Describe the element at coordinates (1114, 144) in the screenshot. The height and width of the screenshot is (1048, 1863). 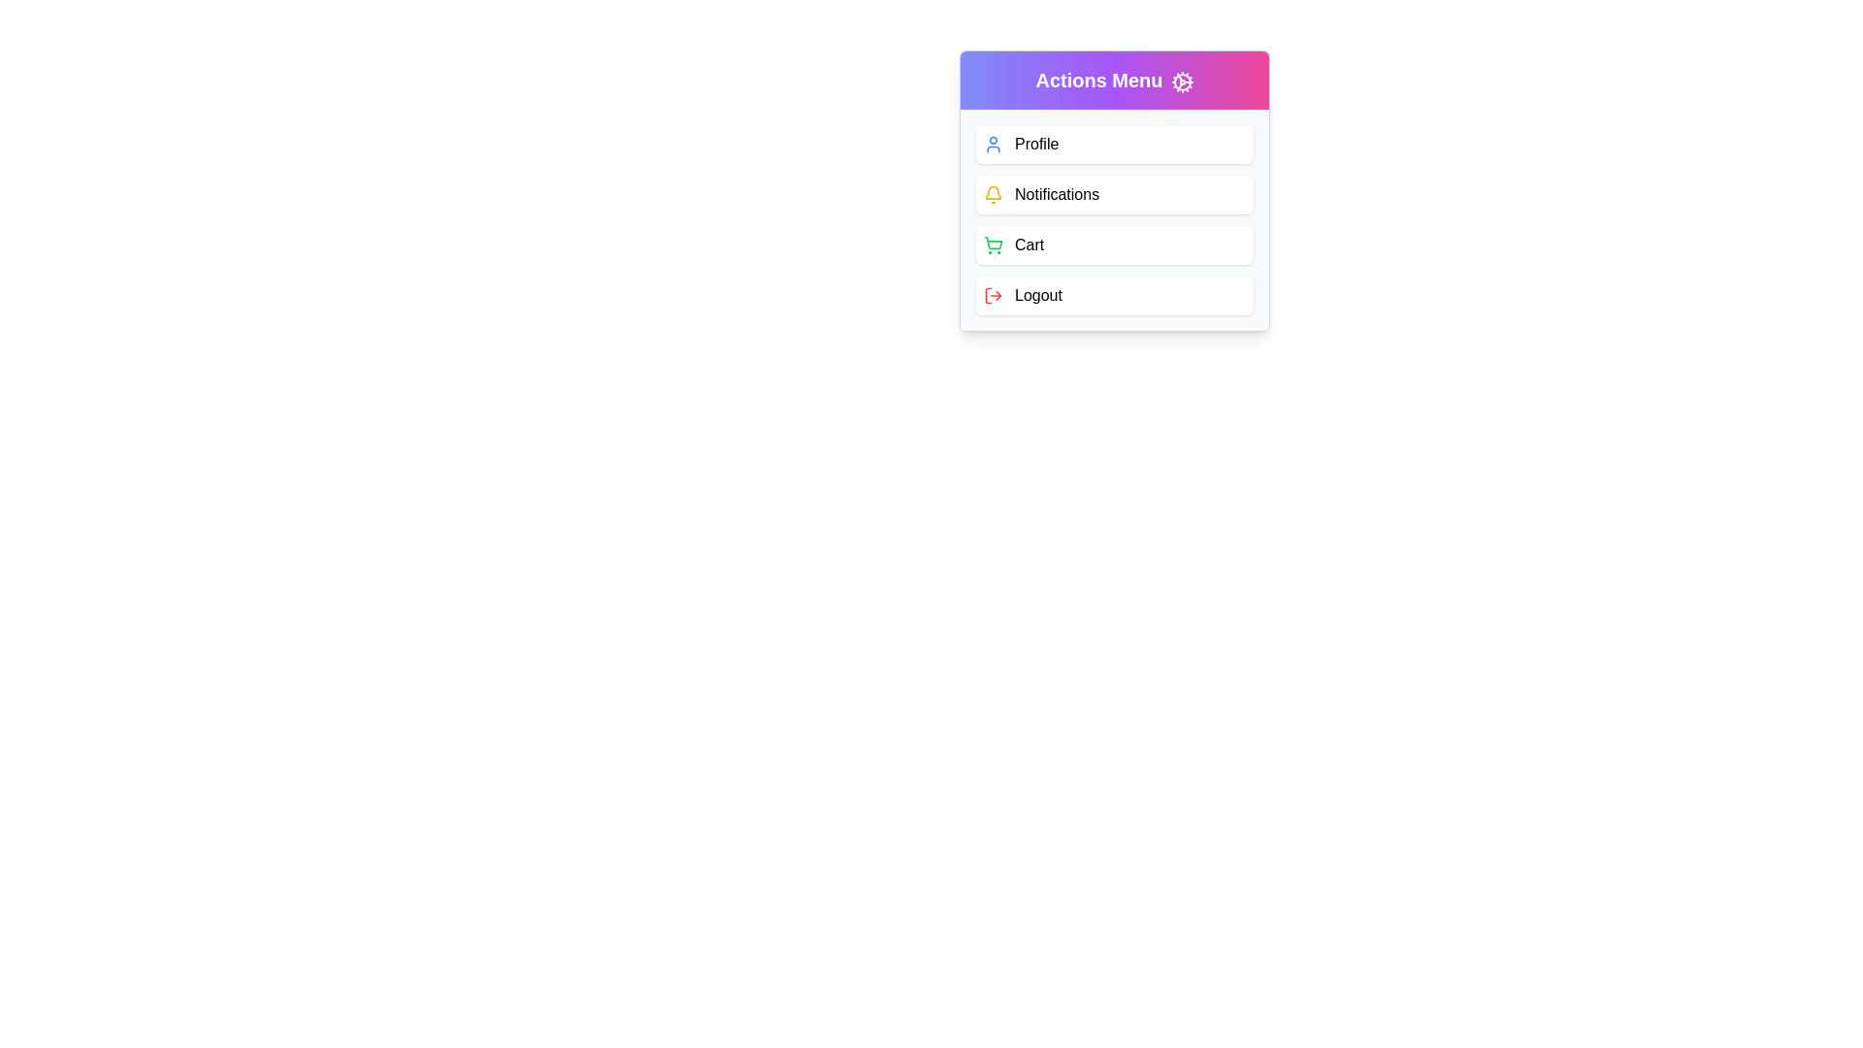
I see `the menu item Profile to observe its hover effect` at that location.